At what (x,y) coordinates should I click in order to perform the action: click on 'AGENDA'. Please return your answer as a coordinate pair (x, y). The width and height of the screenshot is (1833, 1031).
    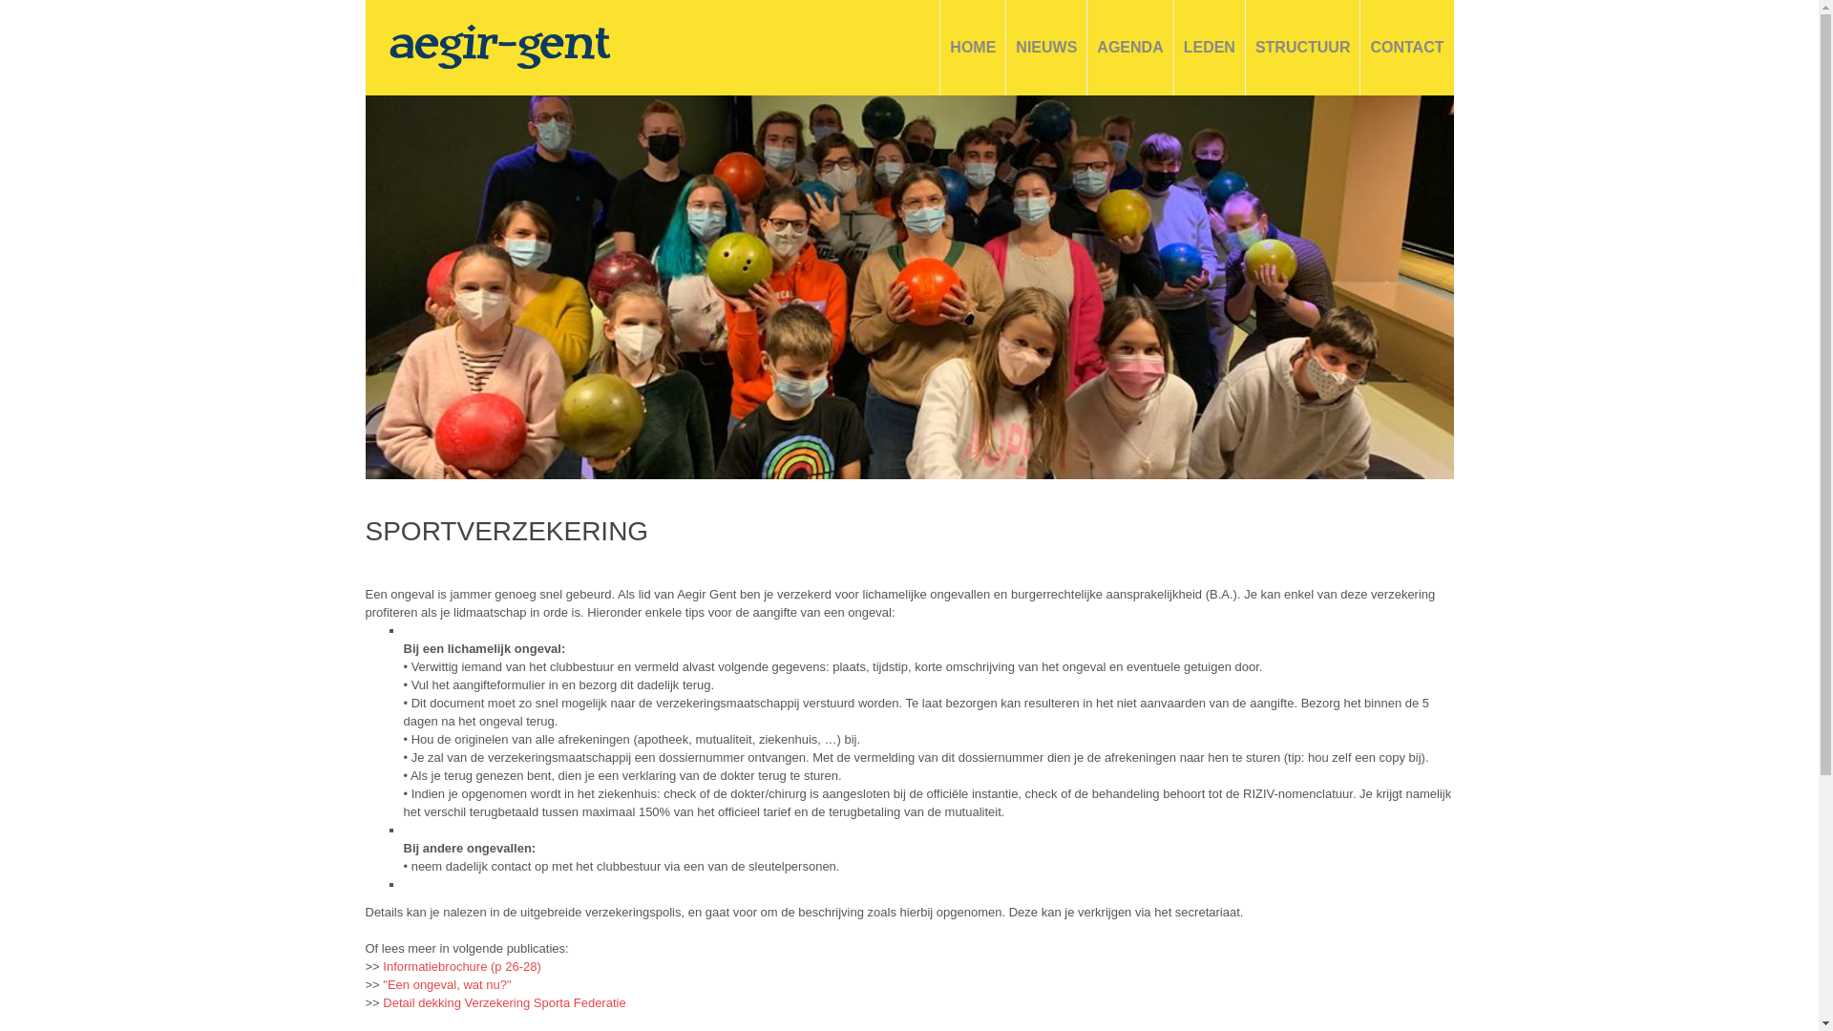
    Looking at the image, I should click on (1096, 47).